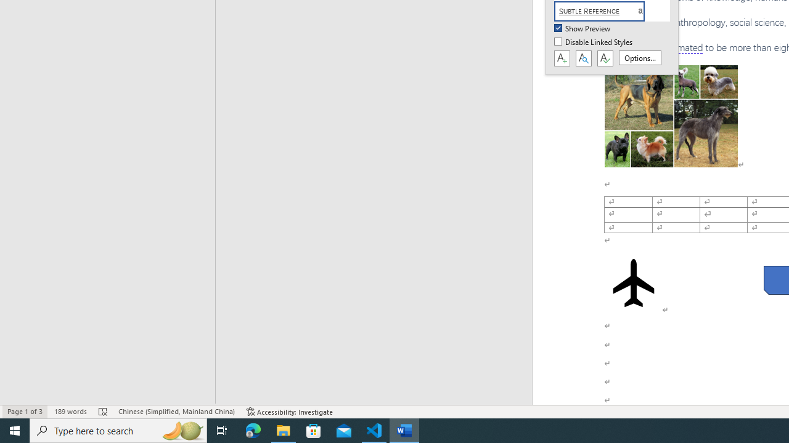  What do you see at coordinates (583, 28) in the screenshot?
I see `'Show Preview'` at bounding box center [583, 28].